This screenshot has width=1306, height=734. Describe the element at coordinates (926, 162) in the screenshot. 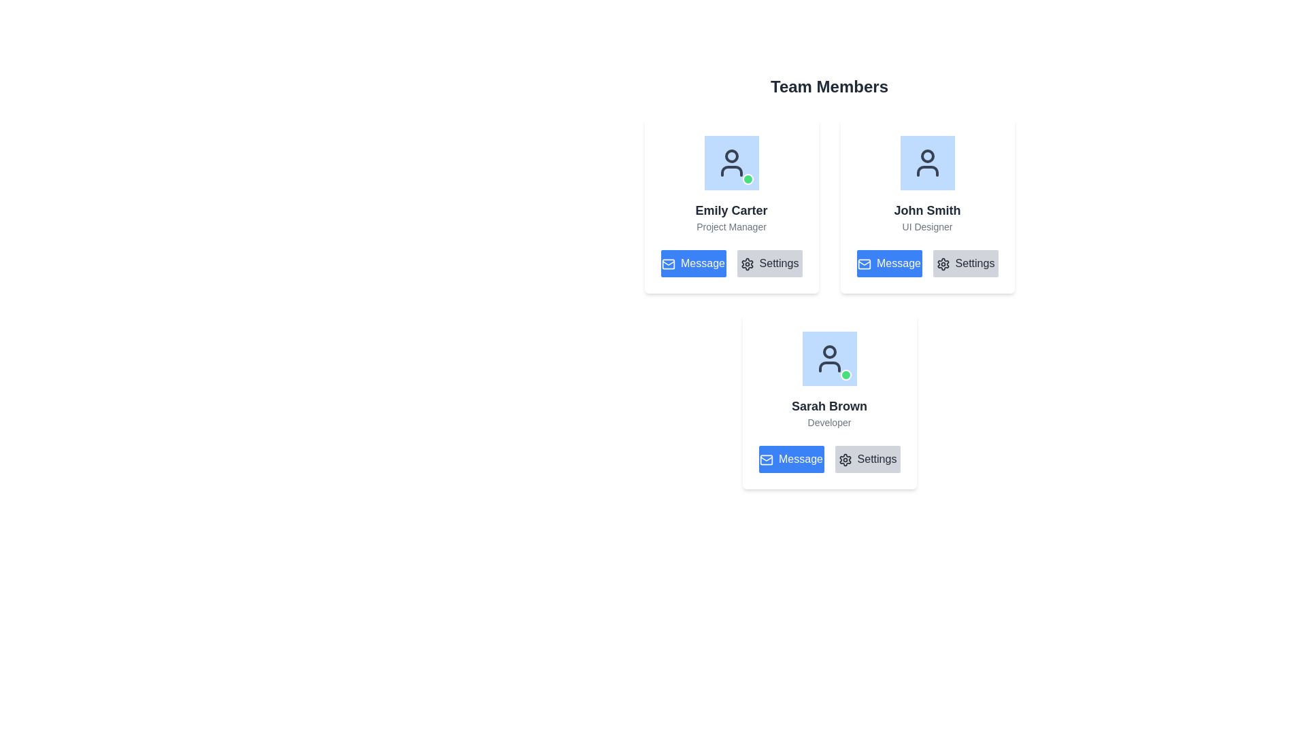

I see `the profile icon representing user 'John Smith', which is located in the top-right section of the team cards` at that location.